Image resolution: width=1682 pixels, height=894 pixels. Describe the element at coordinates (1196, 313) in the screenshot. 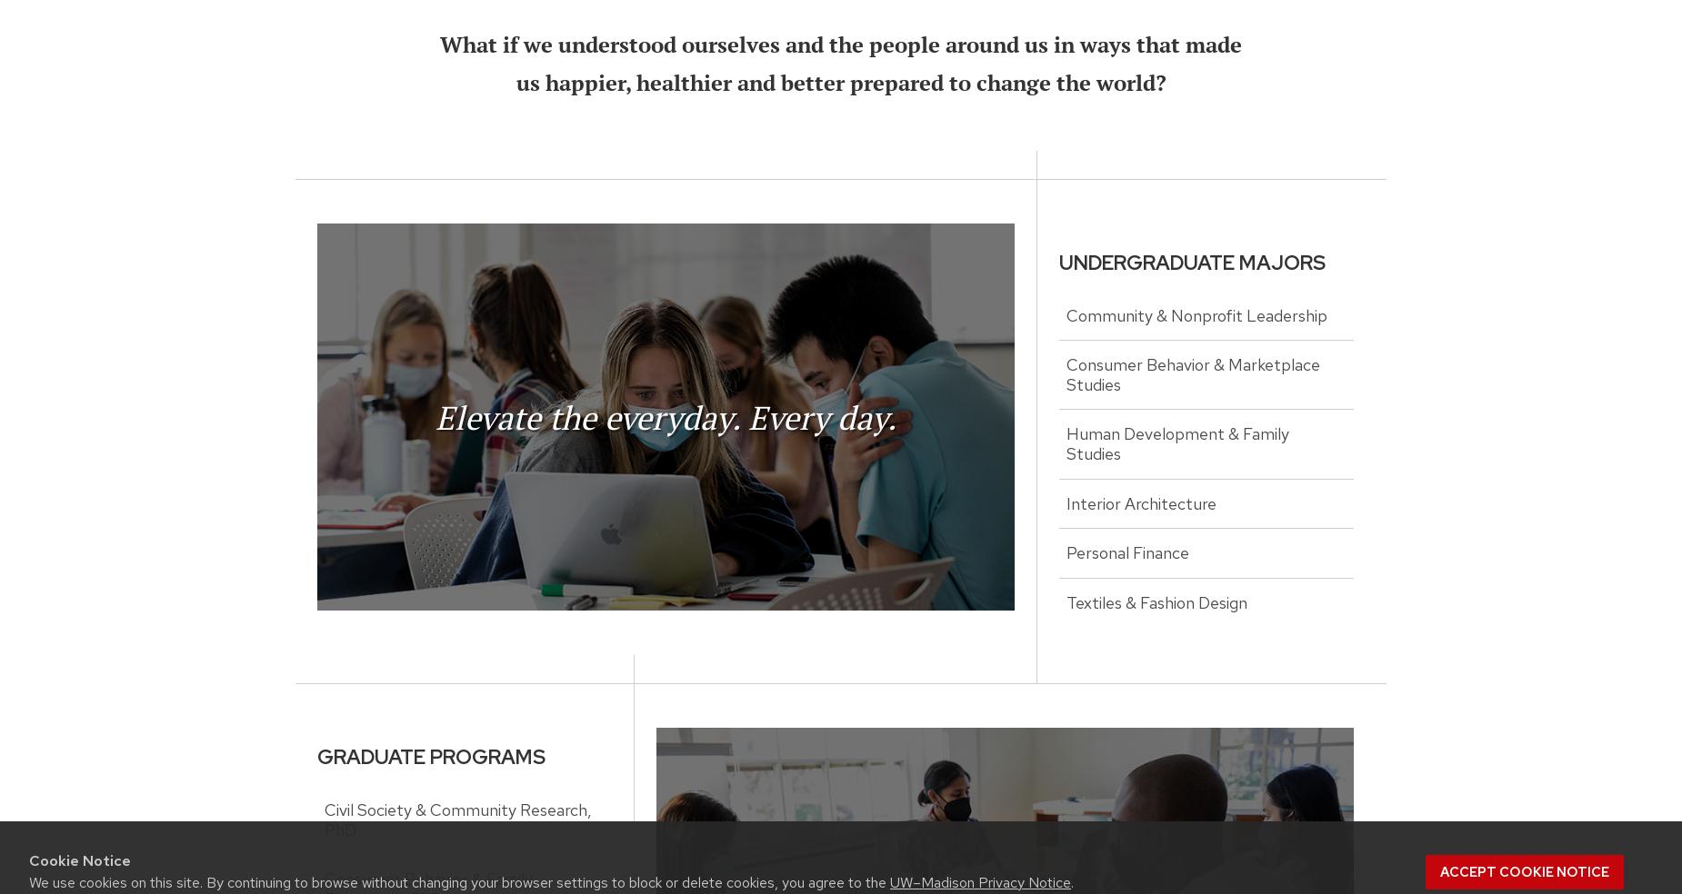

I see `'Community & Nonprofit Leadership'` at that location.